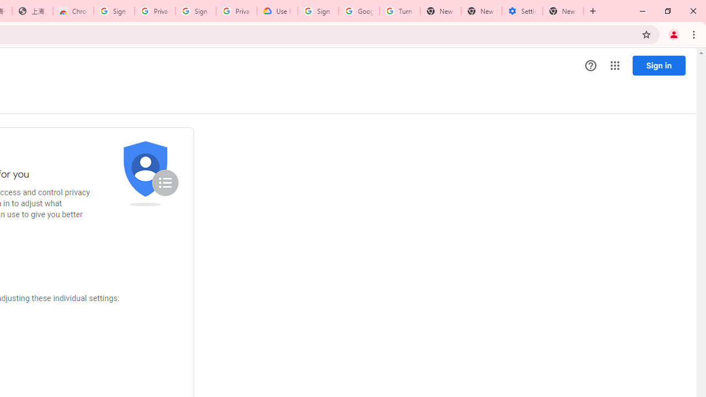  What do you see at coordinates (399, 11) in the screenshot?
I see `'Turn cookies on or off - Computer - Google Account Help'` at bounding box center [399, 11].